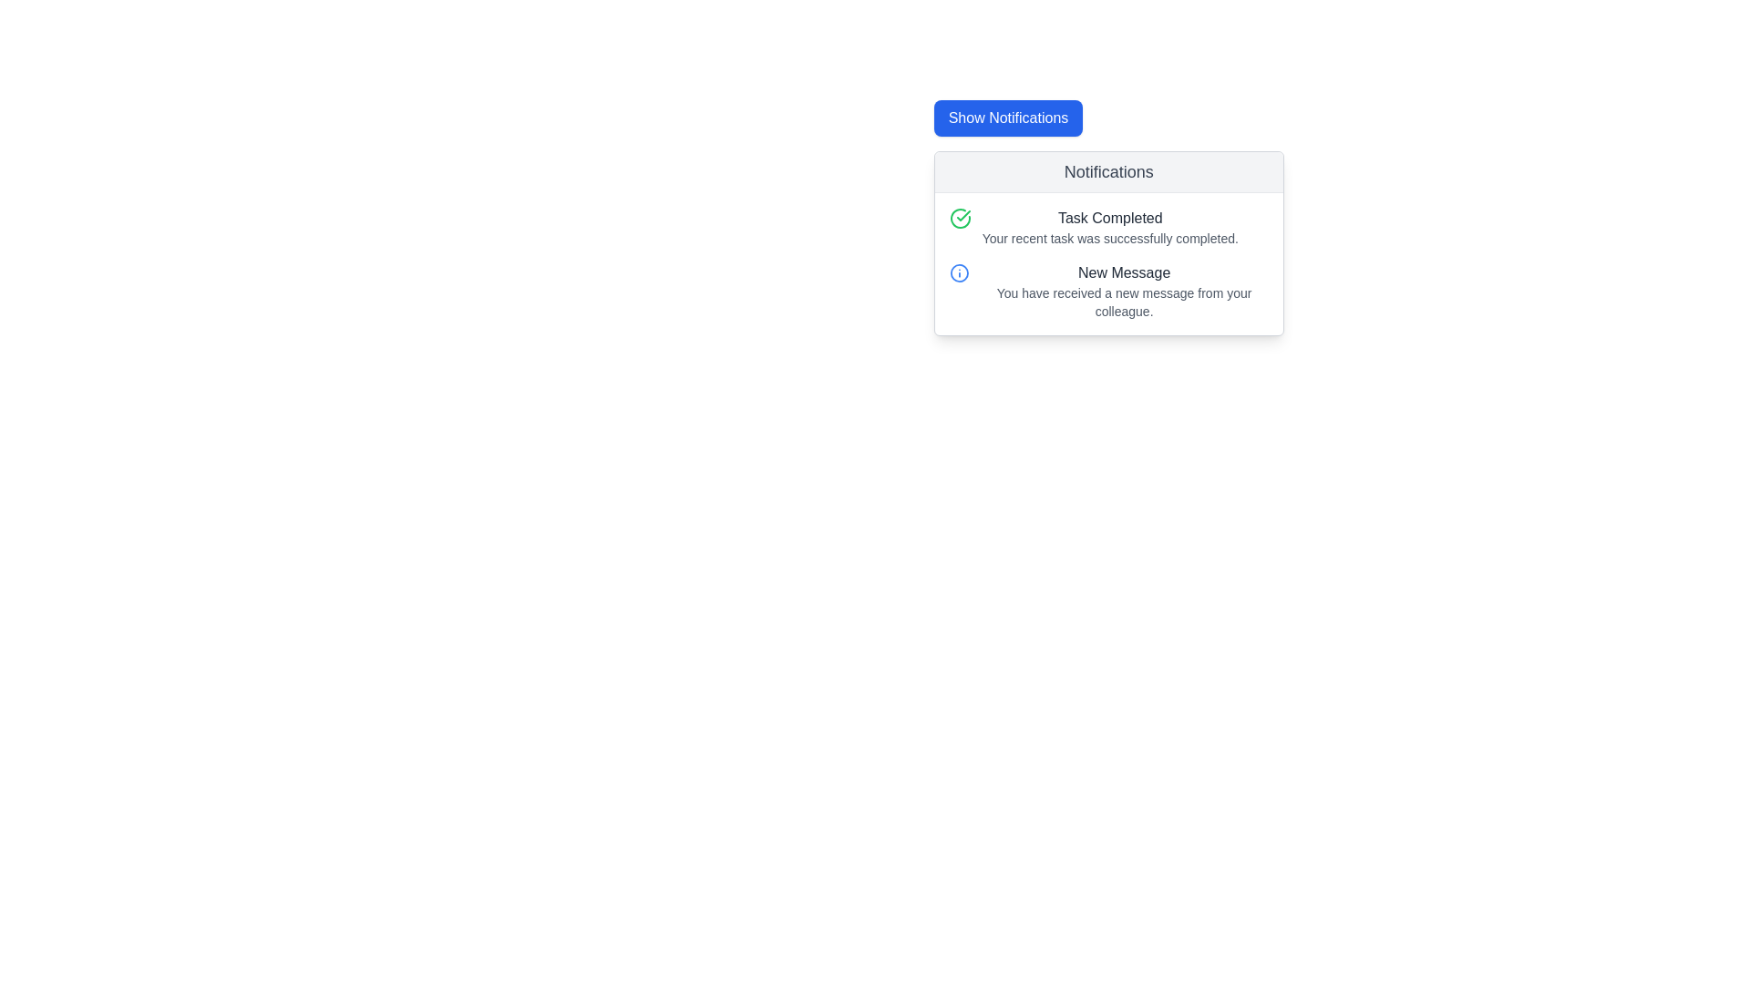 The height and width of the screenshot is (984, 1750). What do you see at coordinates (1109, 217) in the screenshot?
I see `the bold gray text reading 'Task Completed' which is the first line in the notification section of the card` at bounding box center [1109, 217].